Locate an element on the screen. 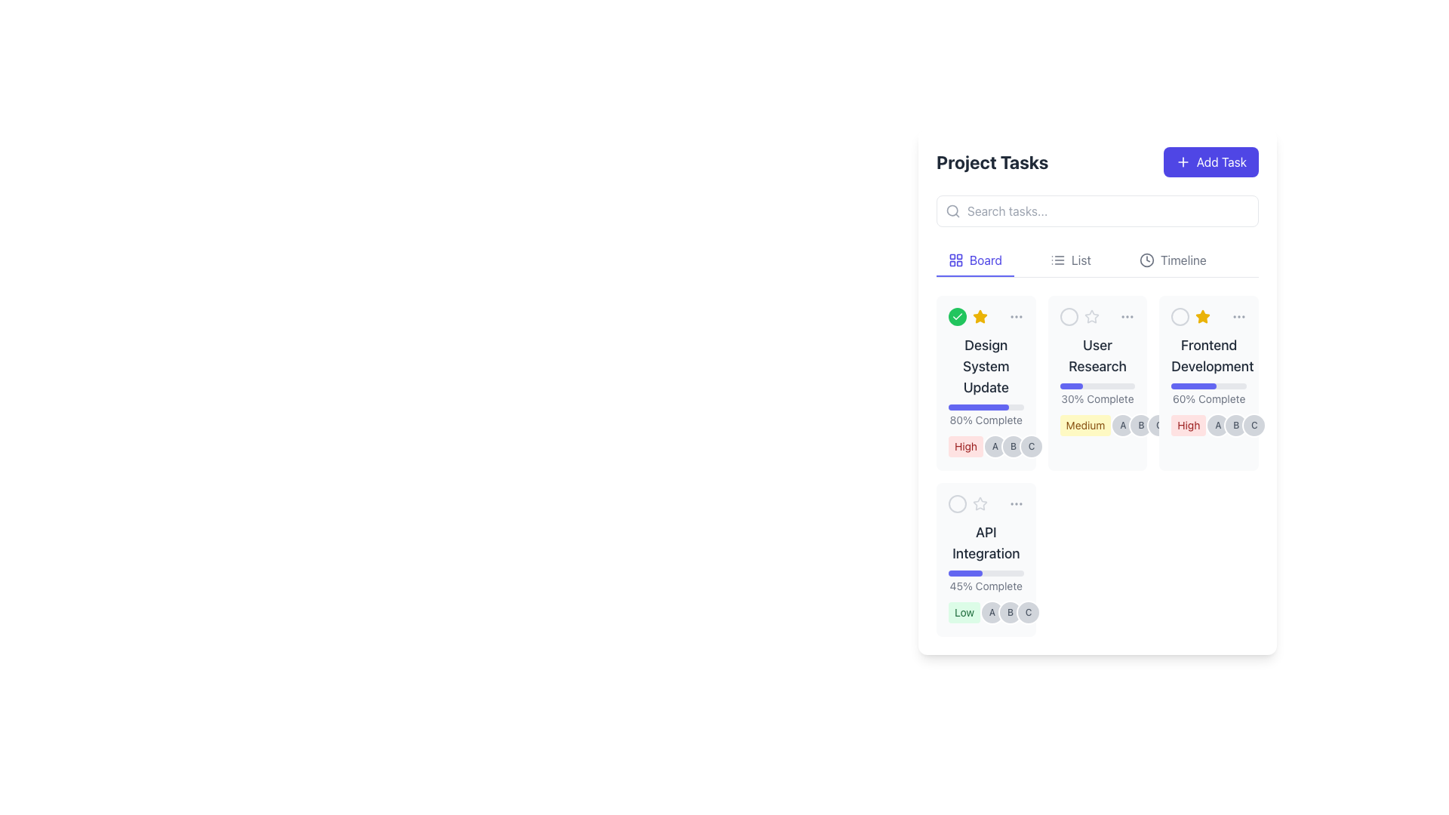 The width and height of the screenshot is (1449, 815). the 'List' view option in the interactive navigation tab is located at coordinates (1097, 260).